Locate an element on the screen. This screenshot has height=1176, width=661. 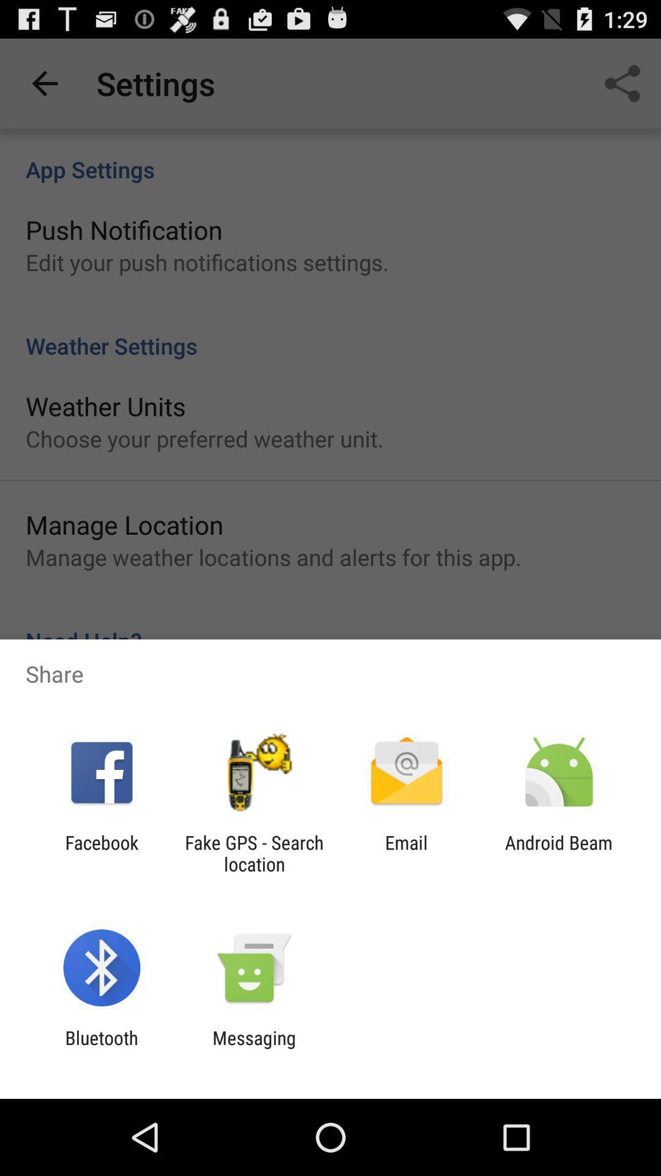
the item at the bottom right corner is located at coordinates (559, 853).